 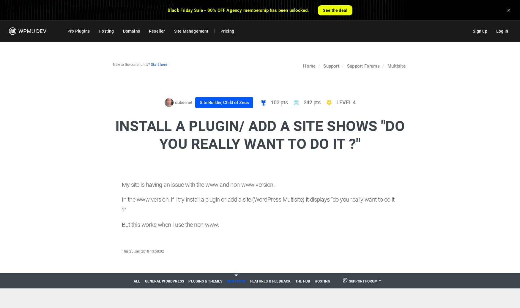 What do you see at coordinates (190, 31) in the screenshot?
I see `'Site Management'` at bounding box center [190, 31].